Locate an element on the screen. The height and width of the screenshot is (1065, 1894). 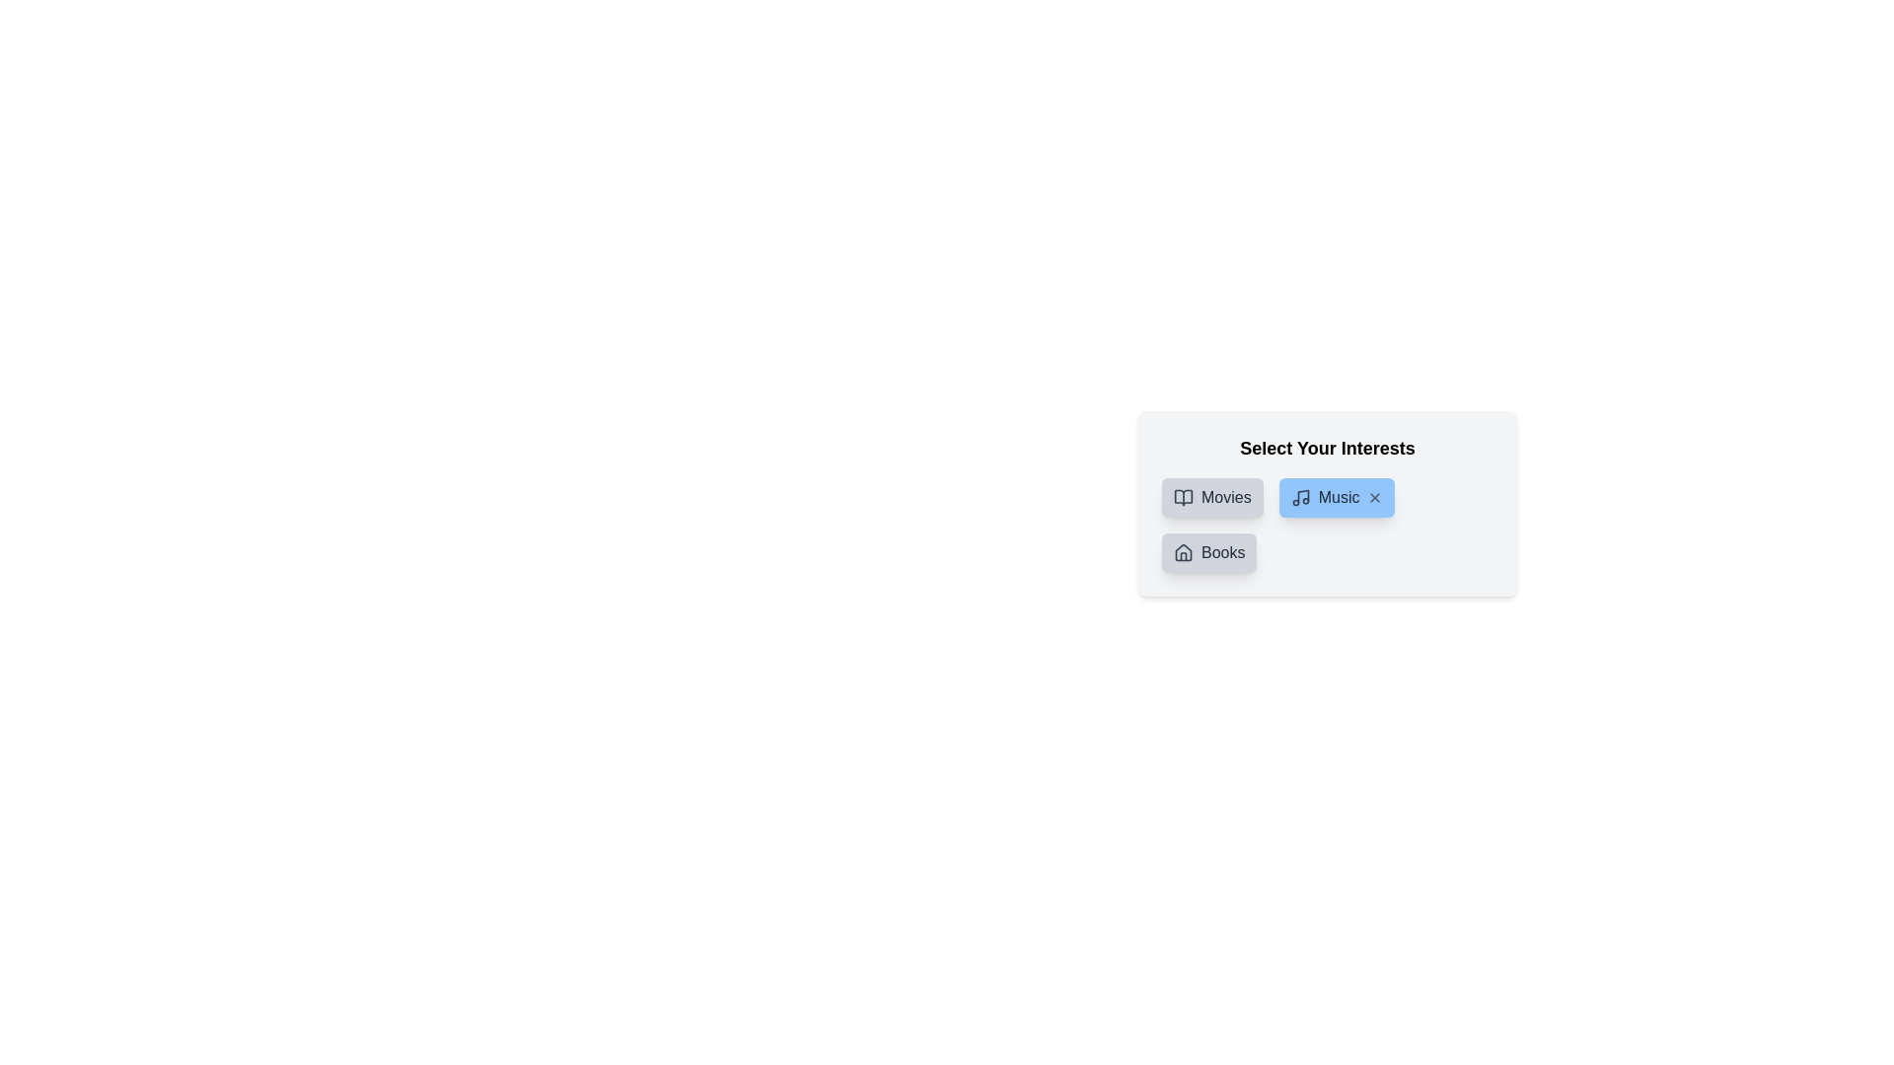
the 'Books' button to toggle its selection state is located at coordinates (1207, 552).